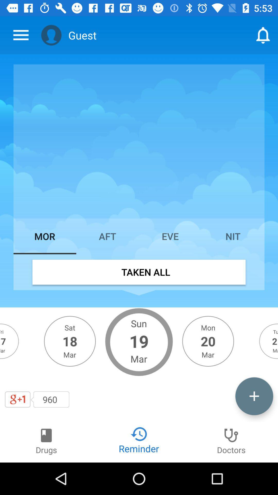 The image size is (278, 495). I want to click on the item next to the guest, so click(51, 35).